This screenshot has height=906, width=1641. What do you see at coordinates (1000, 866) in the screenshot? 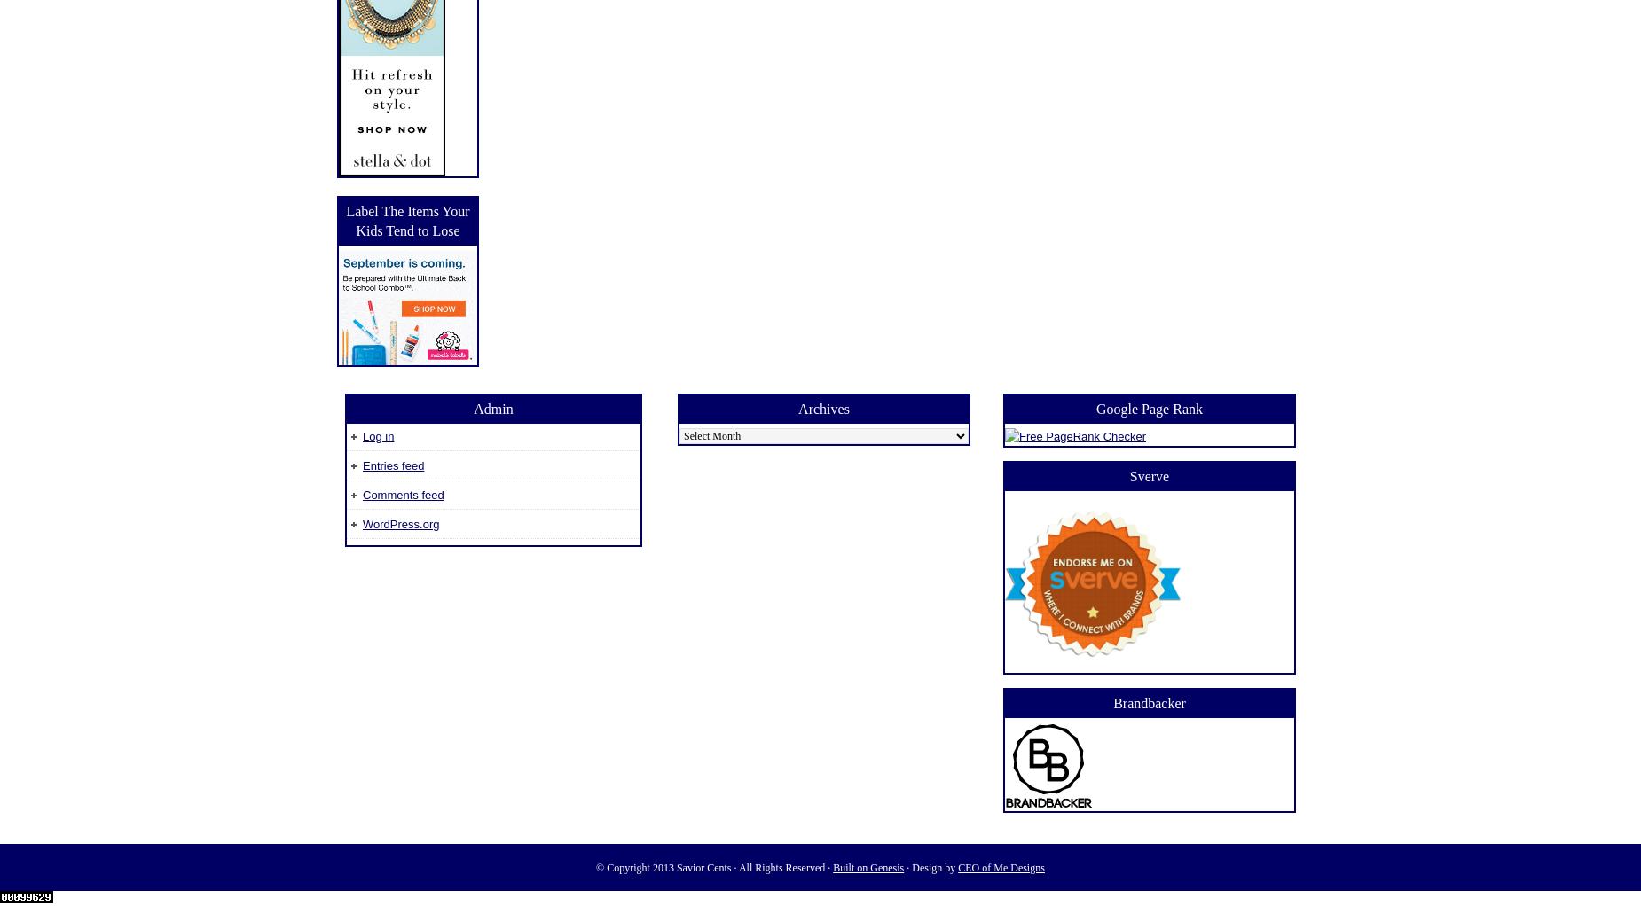
I see `'CEO of Me Designs'` at bounding box center [1000, 866].